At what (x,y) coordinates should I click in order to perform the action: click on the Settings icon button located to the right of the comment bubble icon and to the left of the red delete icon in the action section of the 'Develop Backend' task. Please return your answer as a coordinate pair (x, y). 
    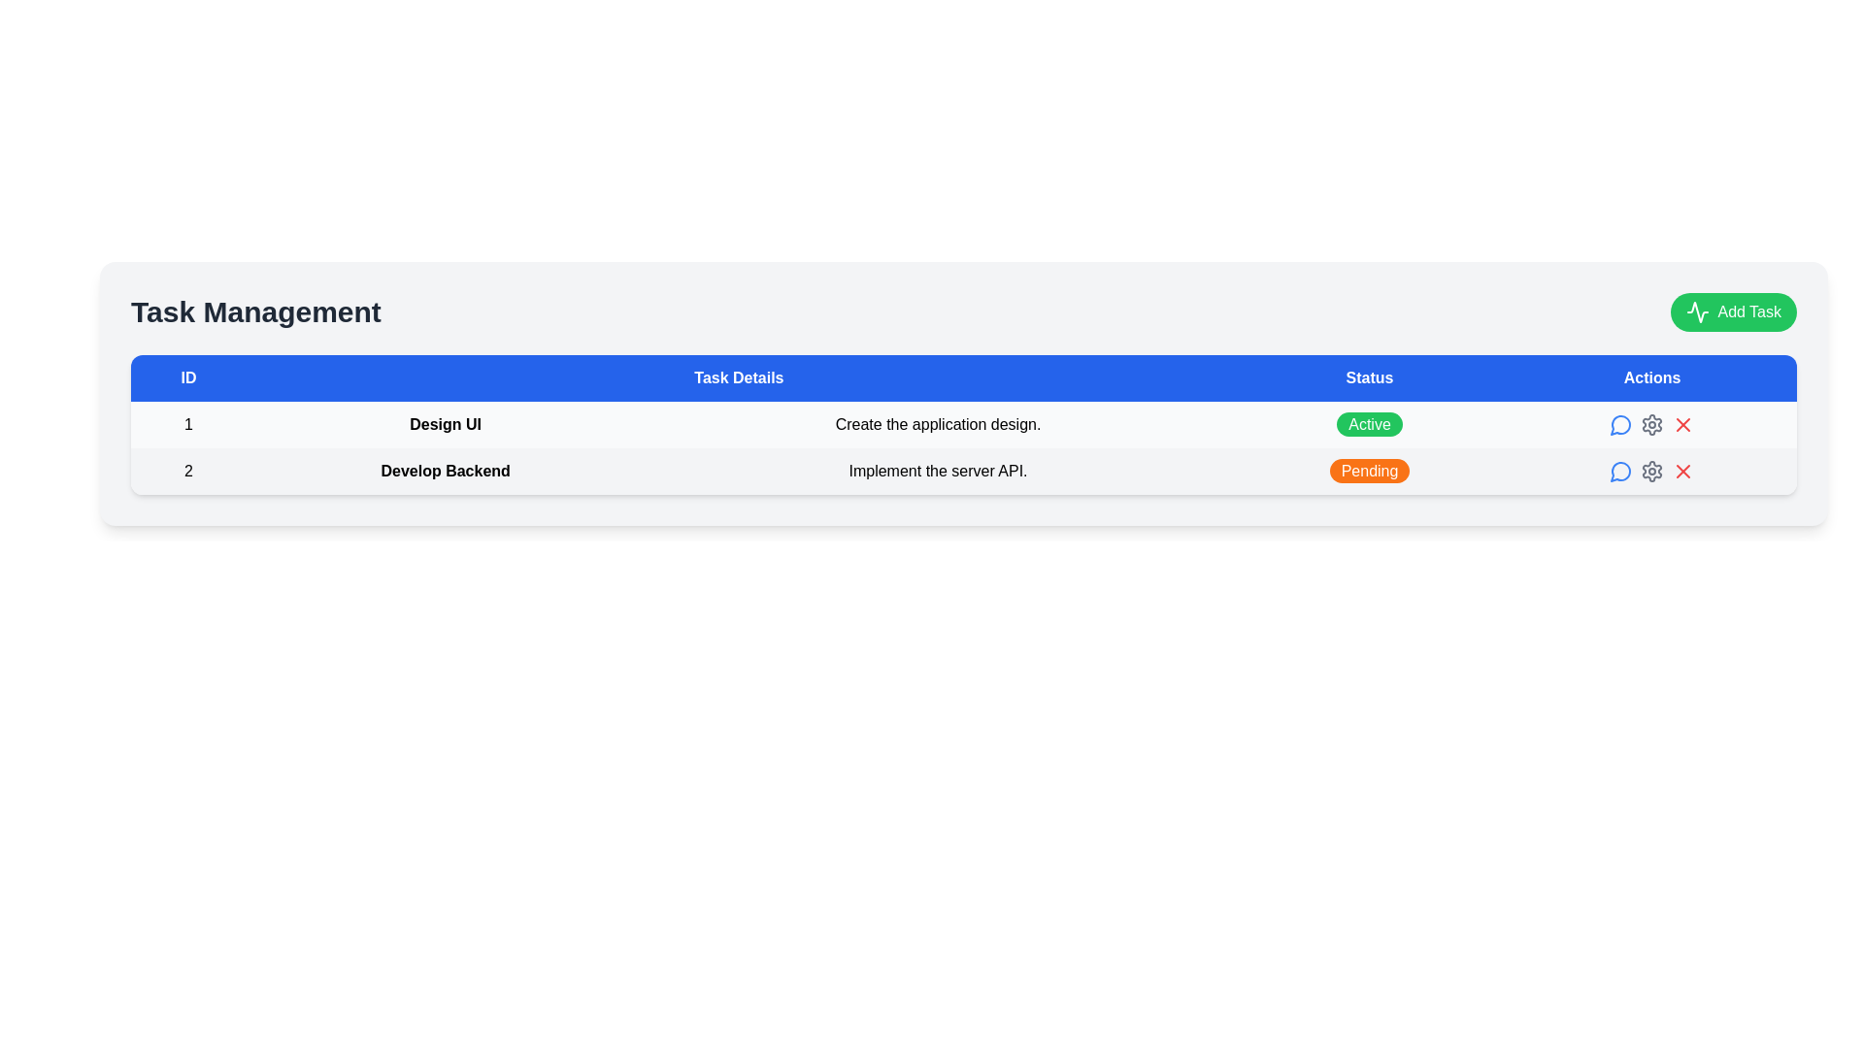
    Looking at the image, I should click on (1651, 424).